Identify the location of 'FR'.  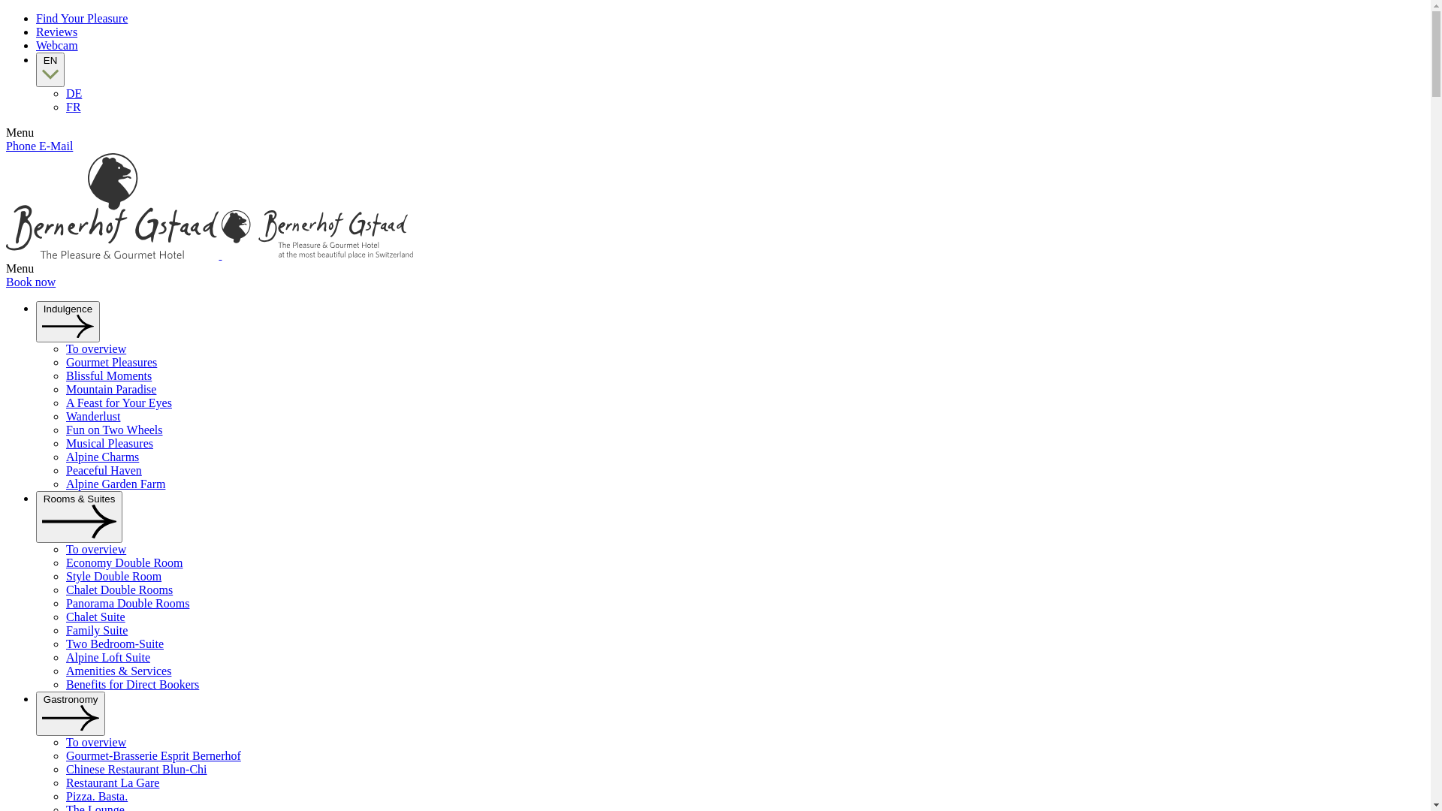
(72, 106).